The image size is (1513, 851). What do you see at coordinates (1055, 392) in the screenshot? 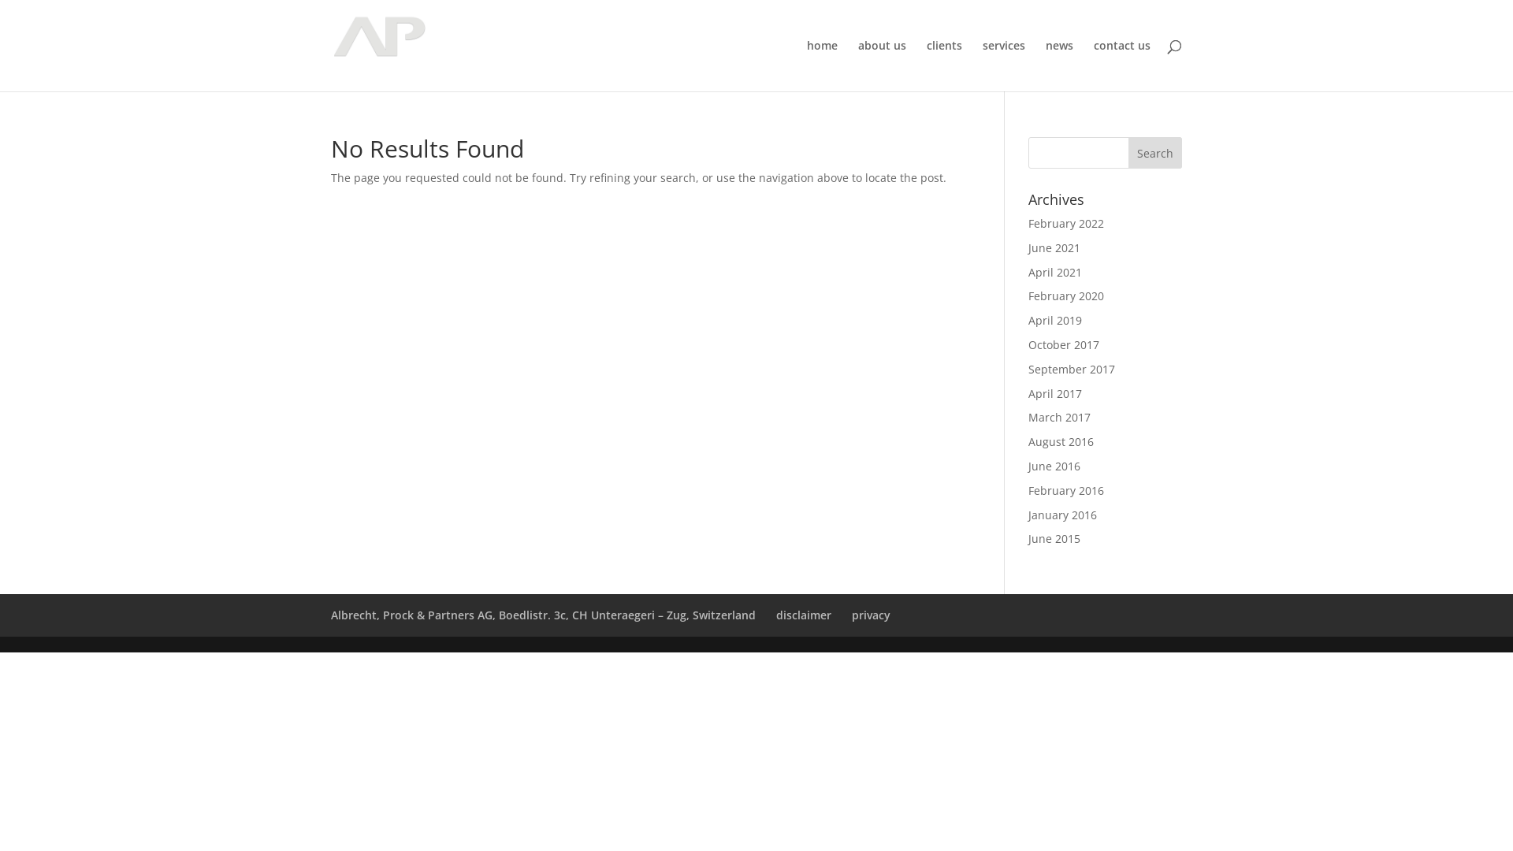
I see `'April 2017'` at bounding box center [1055, 392].